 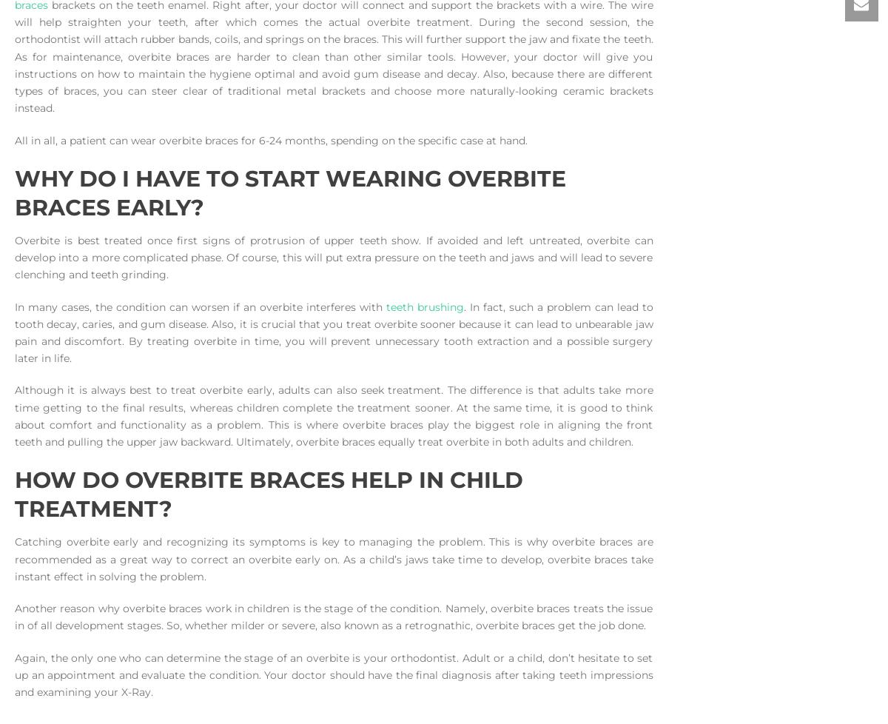 I want to click on 'How do Overbite Braces help in Child Treatment?', so click(x=269, y=494).